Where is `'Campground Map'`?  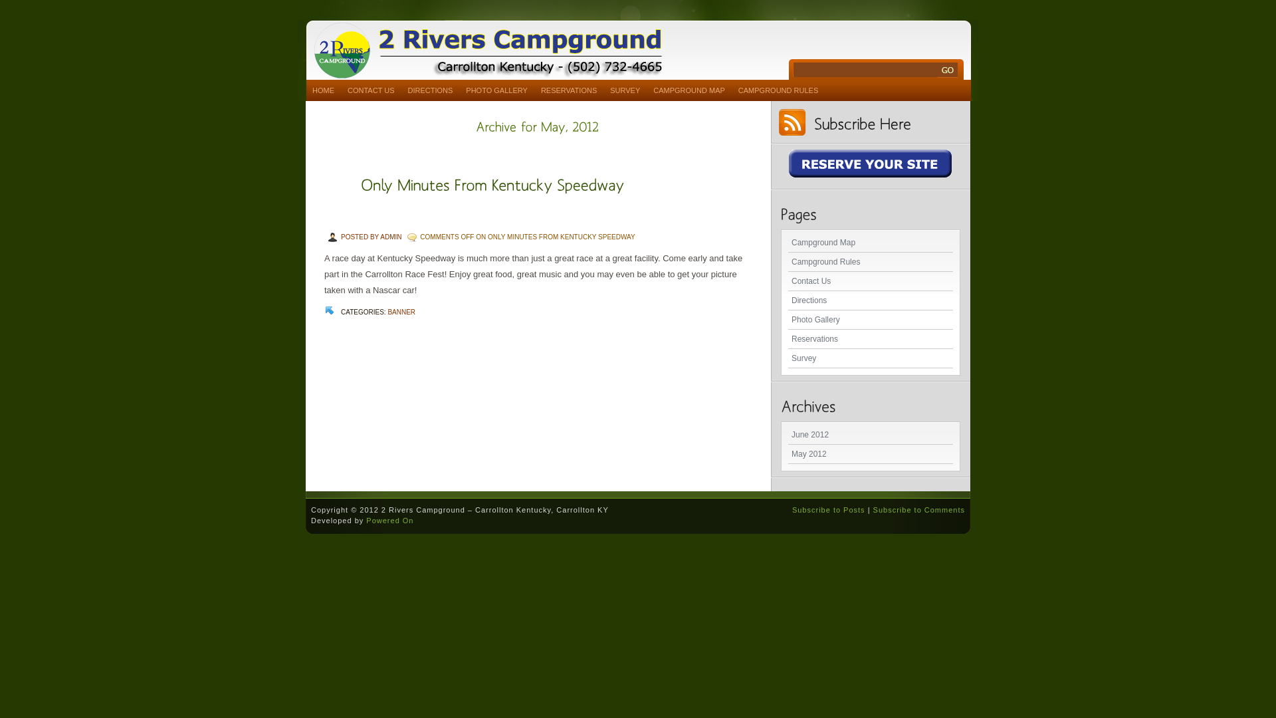
'Campground Map' is located at coordinates (871, 243).